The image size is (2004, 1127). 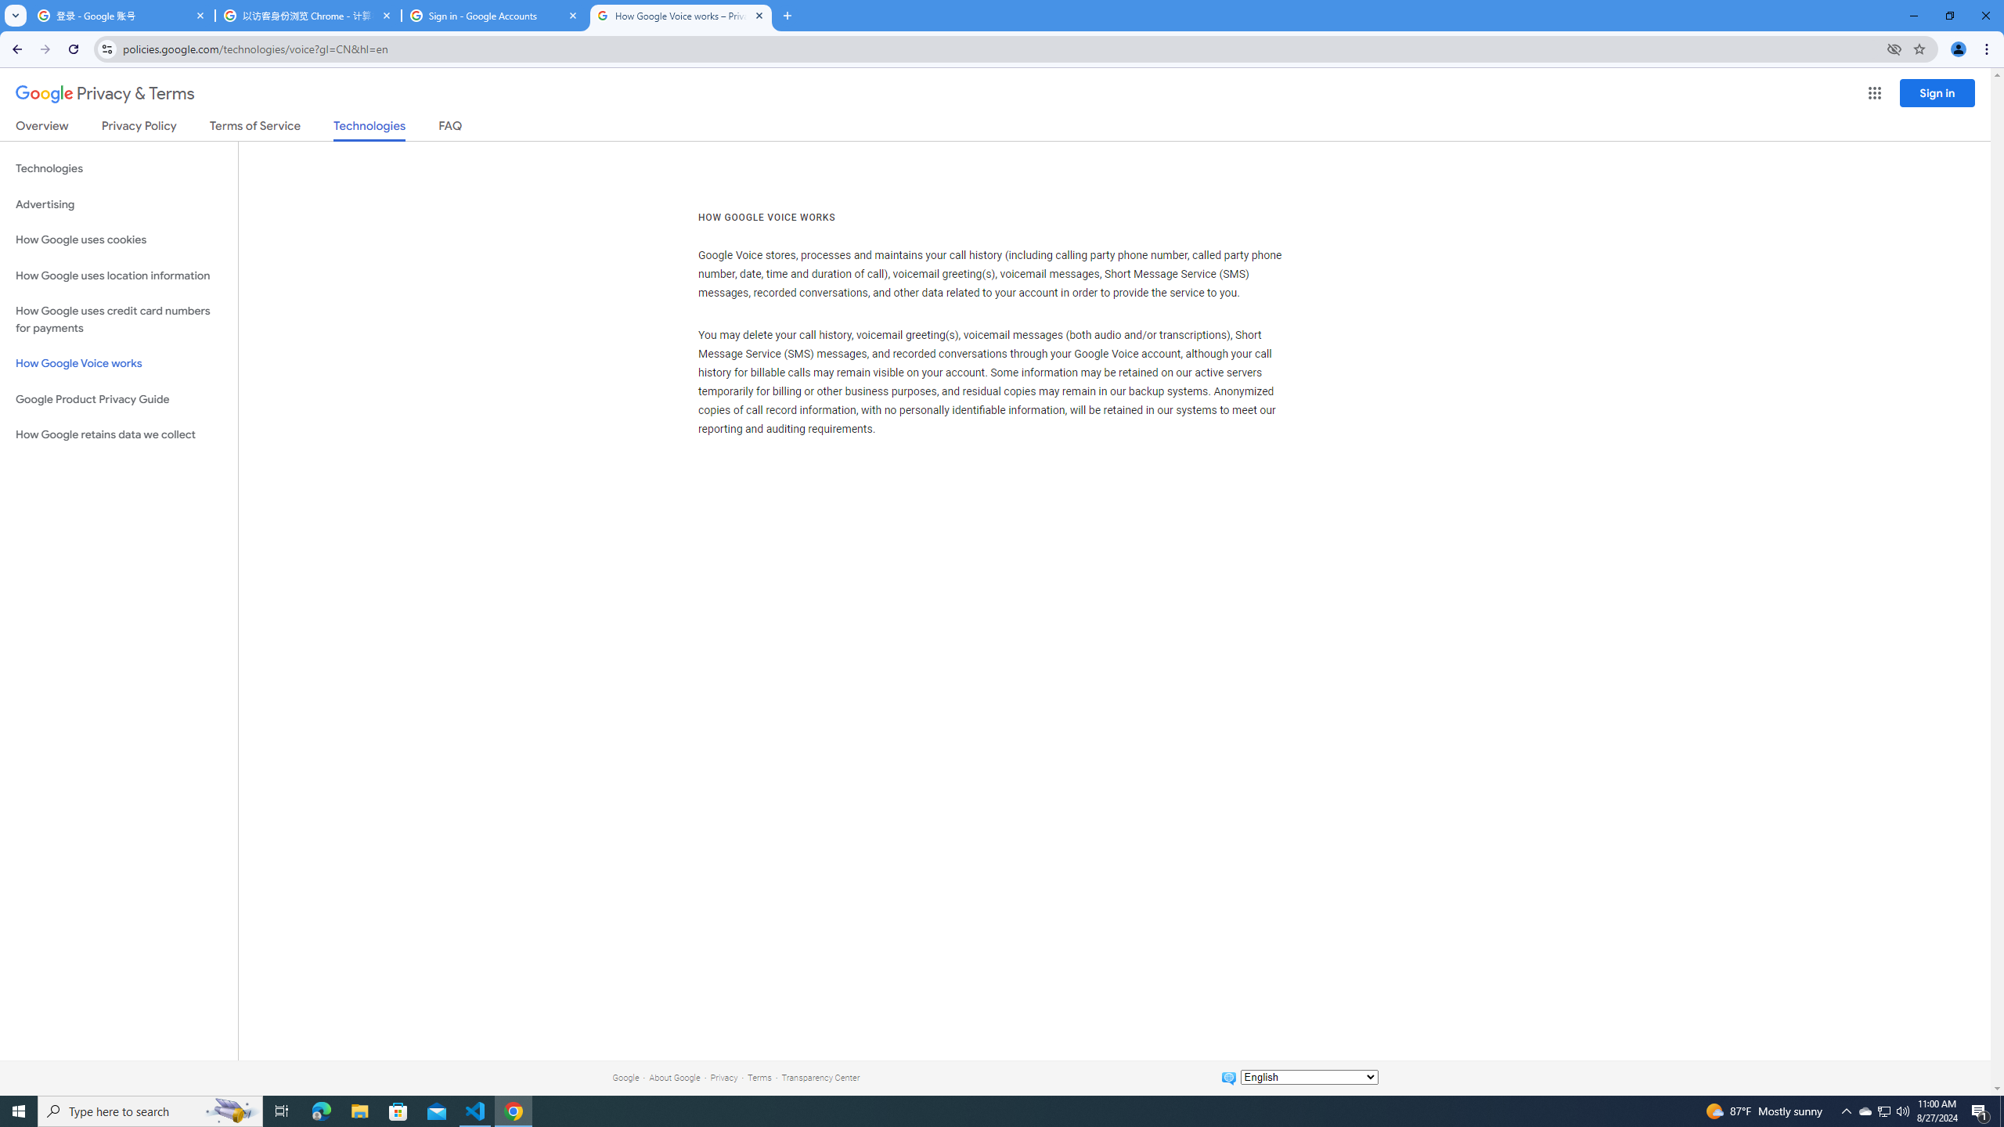 What do you see at coordinates (118, 239) in the screenshot?
I see `'How Google uses cookies'` at bounding box center [118, 239].